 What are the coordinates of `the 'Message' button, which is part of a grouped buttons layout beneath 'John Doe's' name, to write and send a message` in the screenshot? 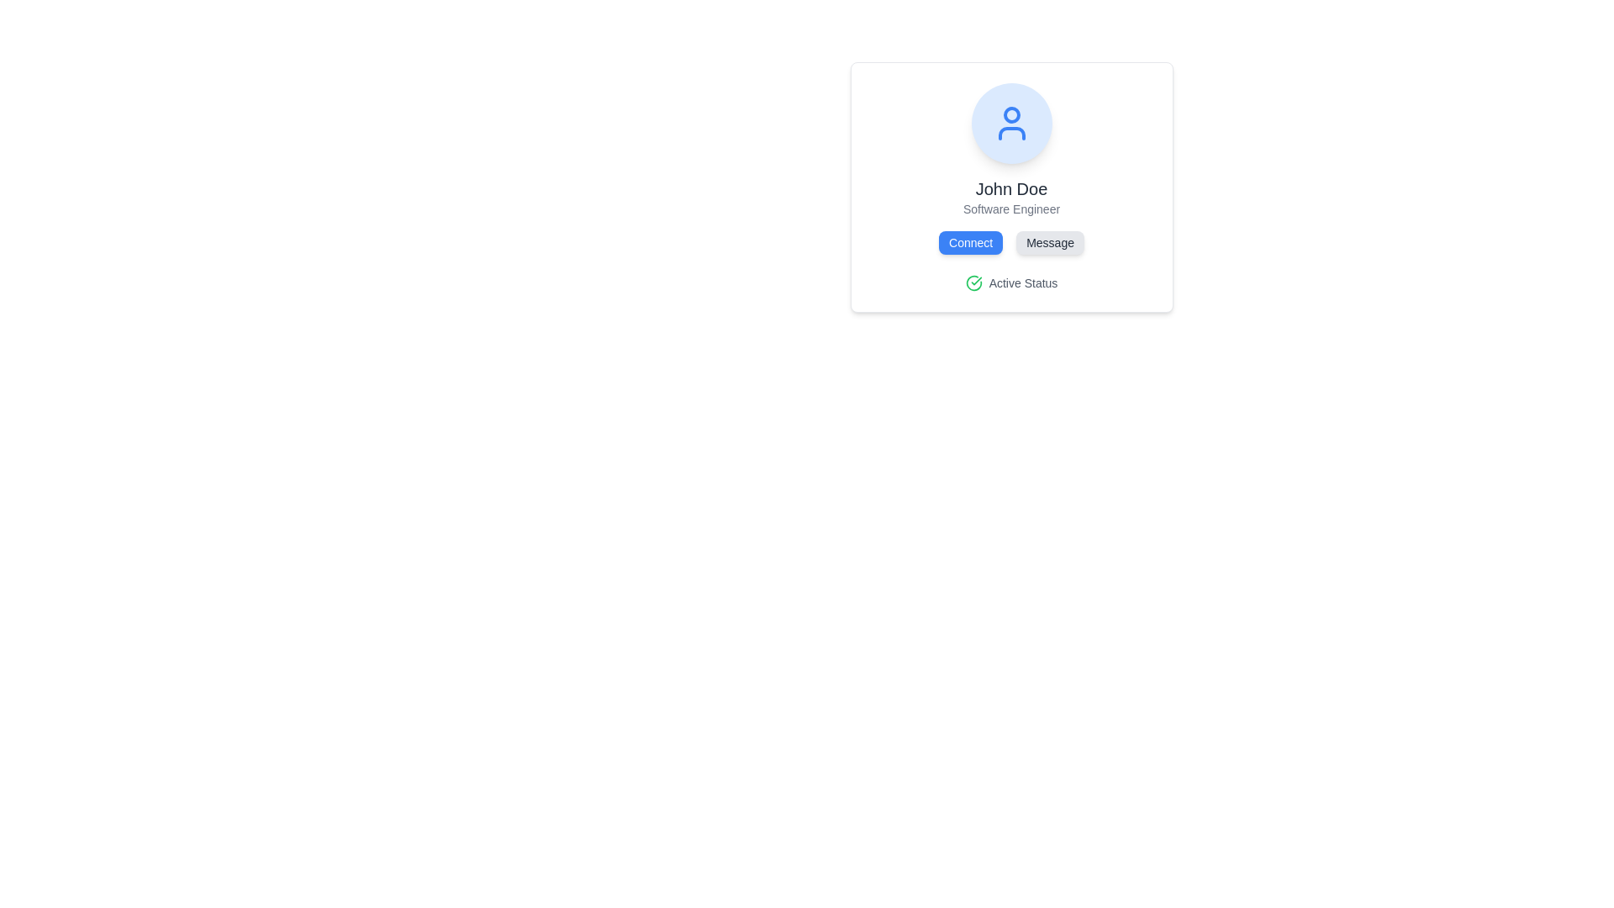 It's located at (1010, 243).